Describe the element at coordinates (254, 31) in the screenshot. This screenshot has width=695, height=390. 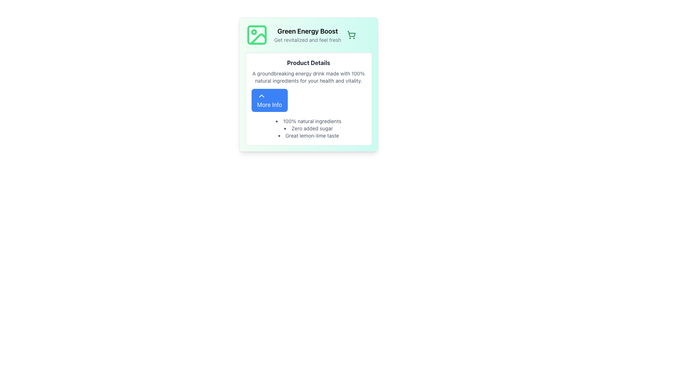
I see `the circular shape located in the top-left corner of the product information card, above the header 'Green Energy Boost'` at that location.